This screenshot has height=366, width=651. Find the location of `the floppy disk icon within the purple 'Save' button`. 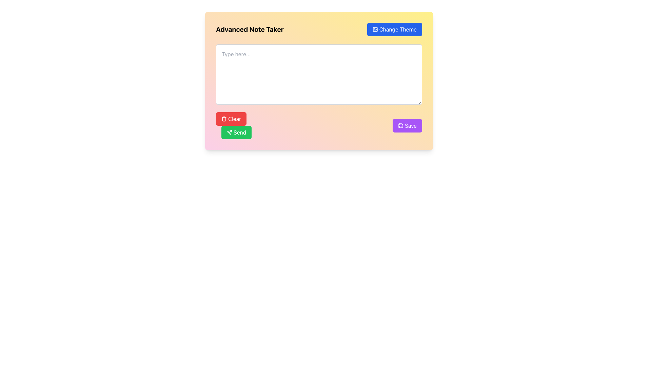

the floppy disk icon within the purple 'Save' button is located at coordinates (400, 125).